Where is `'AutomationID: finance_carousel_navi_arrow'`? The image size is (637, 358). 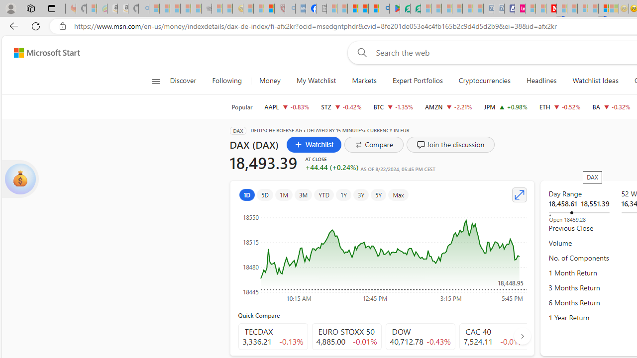
'AutomationID: finance_carousel_navi_arrow' is located at coordinates (522, 336).